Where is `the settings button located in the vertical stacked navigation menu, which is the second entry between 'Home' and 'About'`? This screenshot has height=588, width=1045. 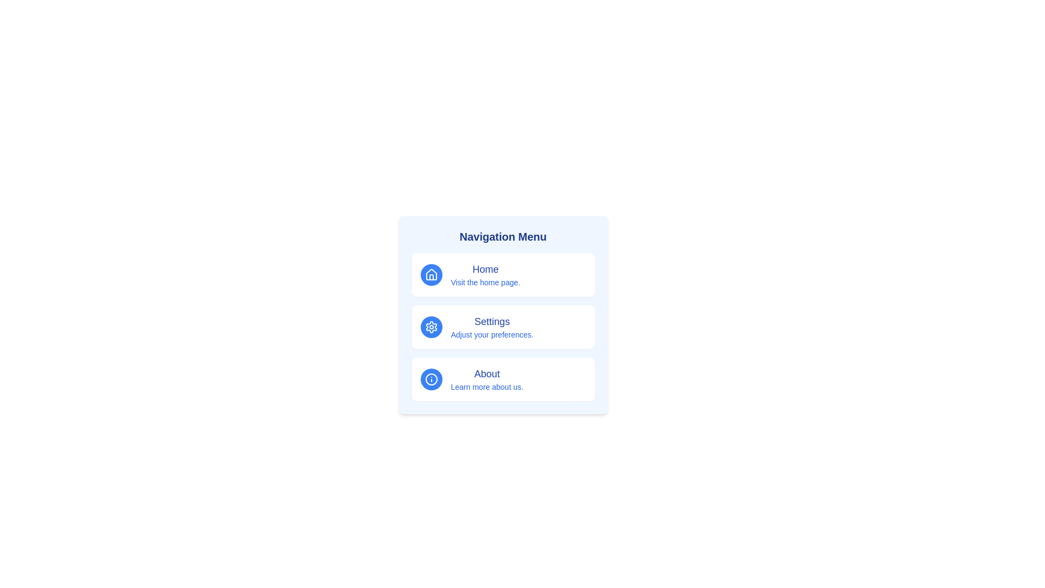 the settings button located in the vertical stacked navigation menu, which is the second entry between 'Home' and 'About' is located at coordinates (502, 327).